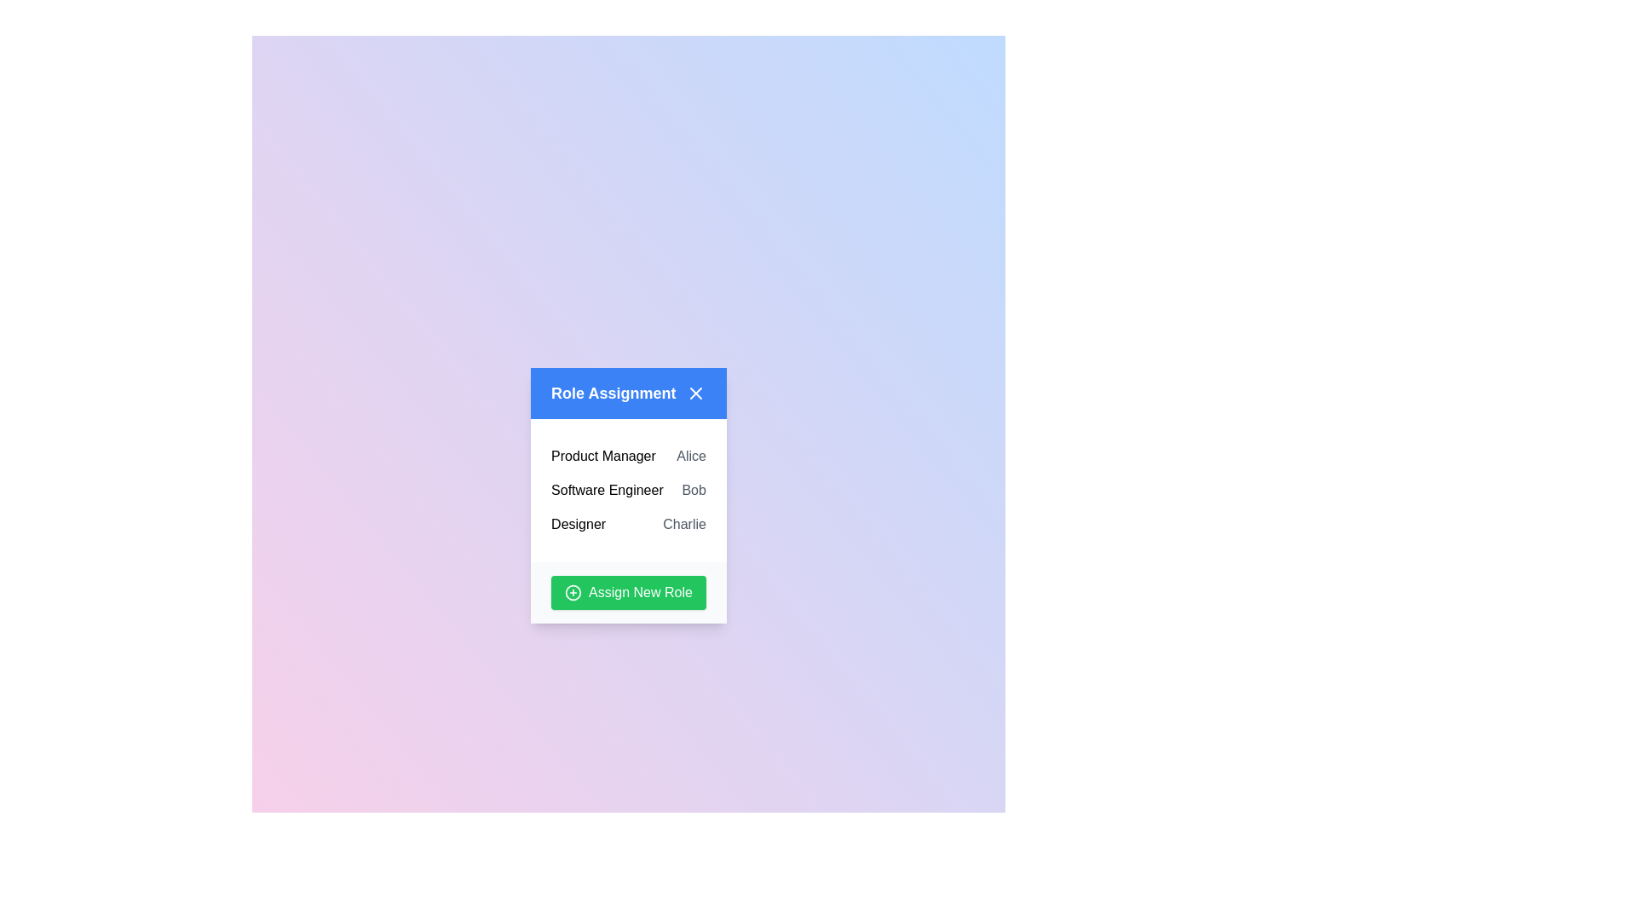  Describe the element at coordinates (628, 591) in the screenshot. I see `'Assign New Role' button to trigger the role assignment action` at that location.